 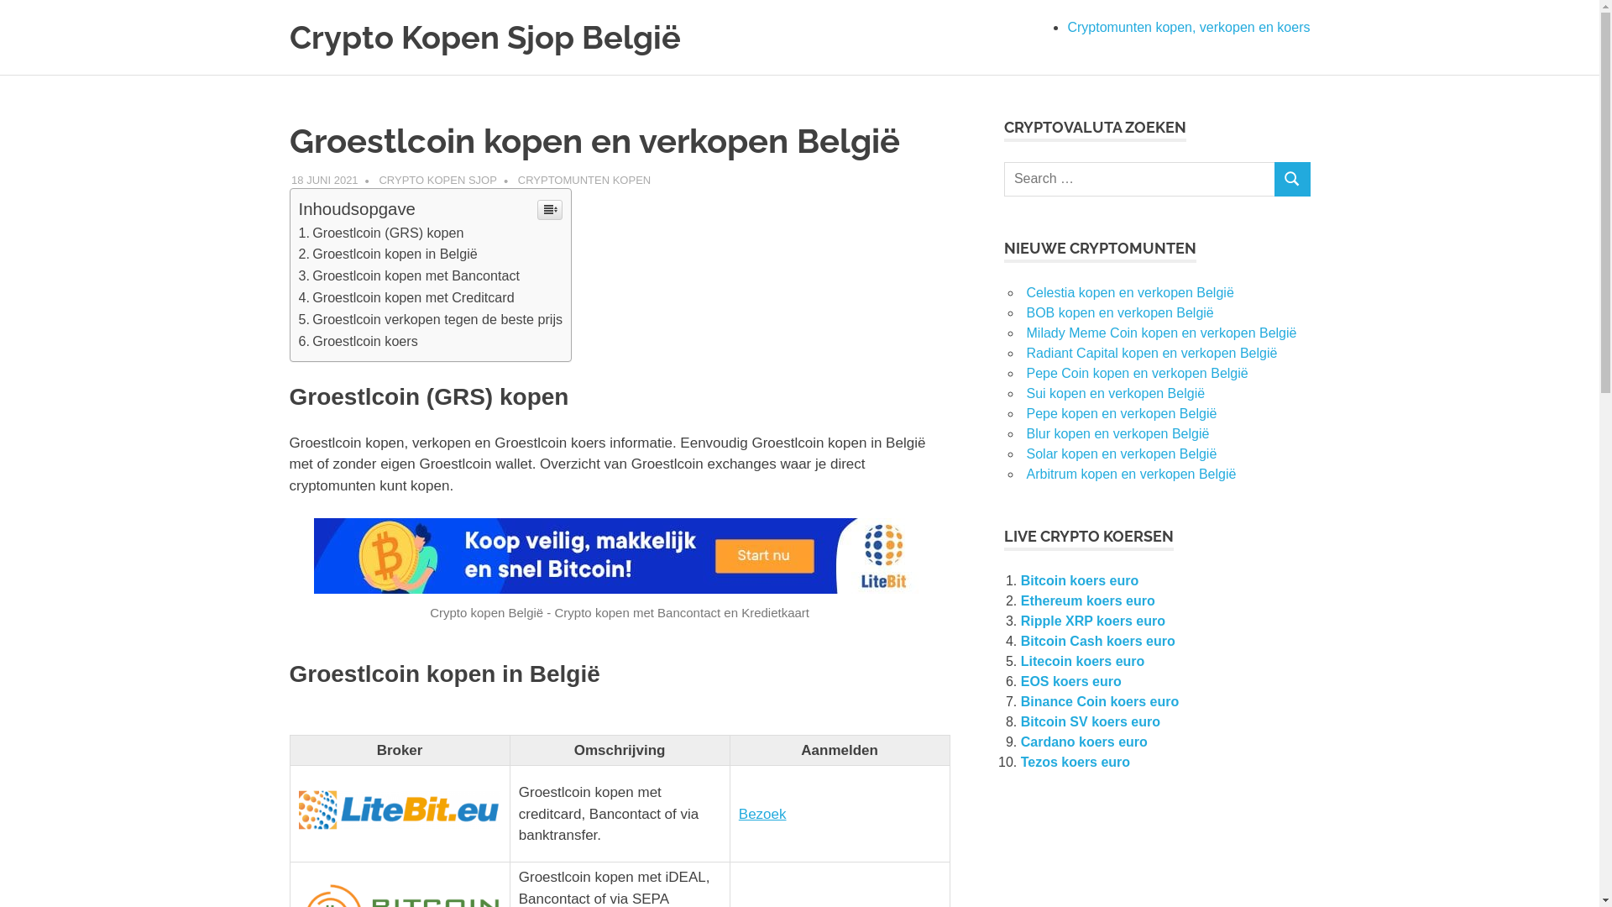 I want to click on 'CRYPTO KOPEN SJOP', so click(x=437, y=179).